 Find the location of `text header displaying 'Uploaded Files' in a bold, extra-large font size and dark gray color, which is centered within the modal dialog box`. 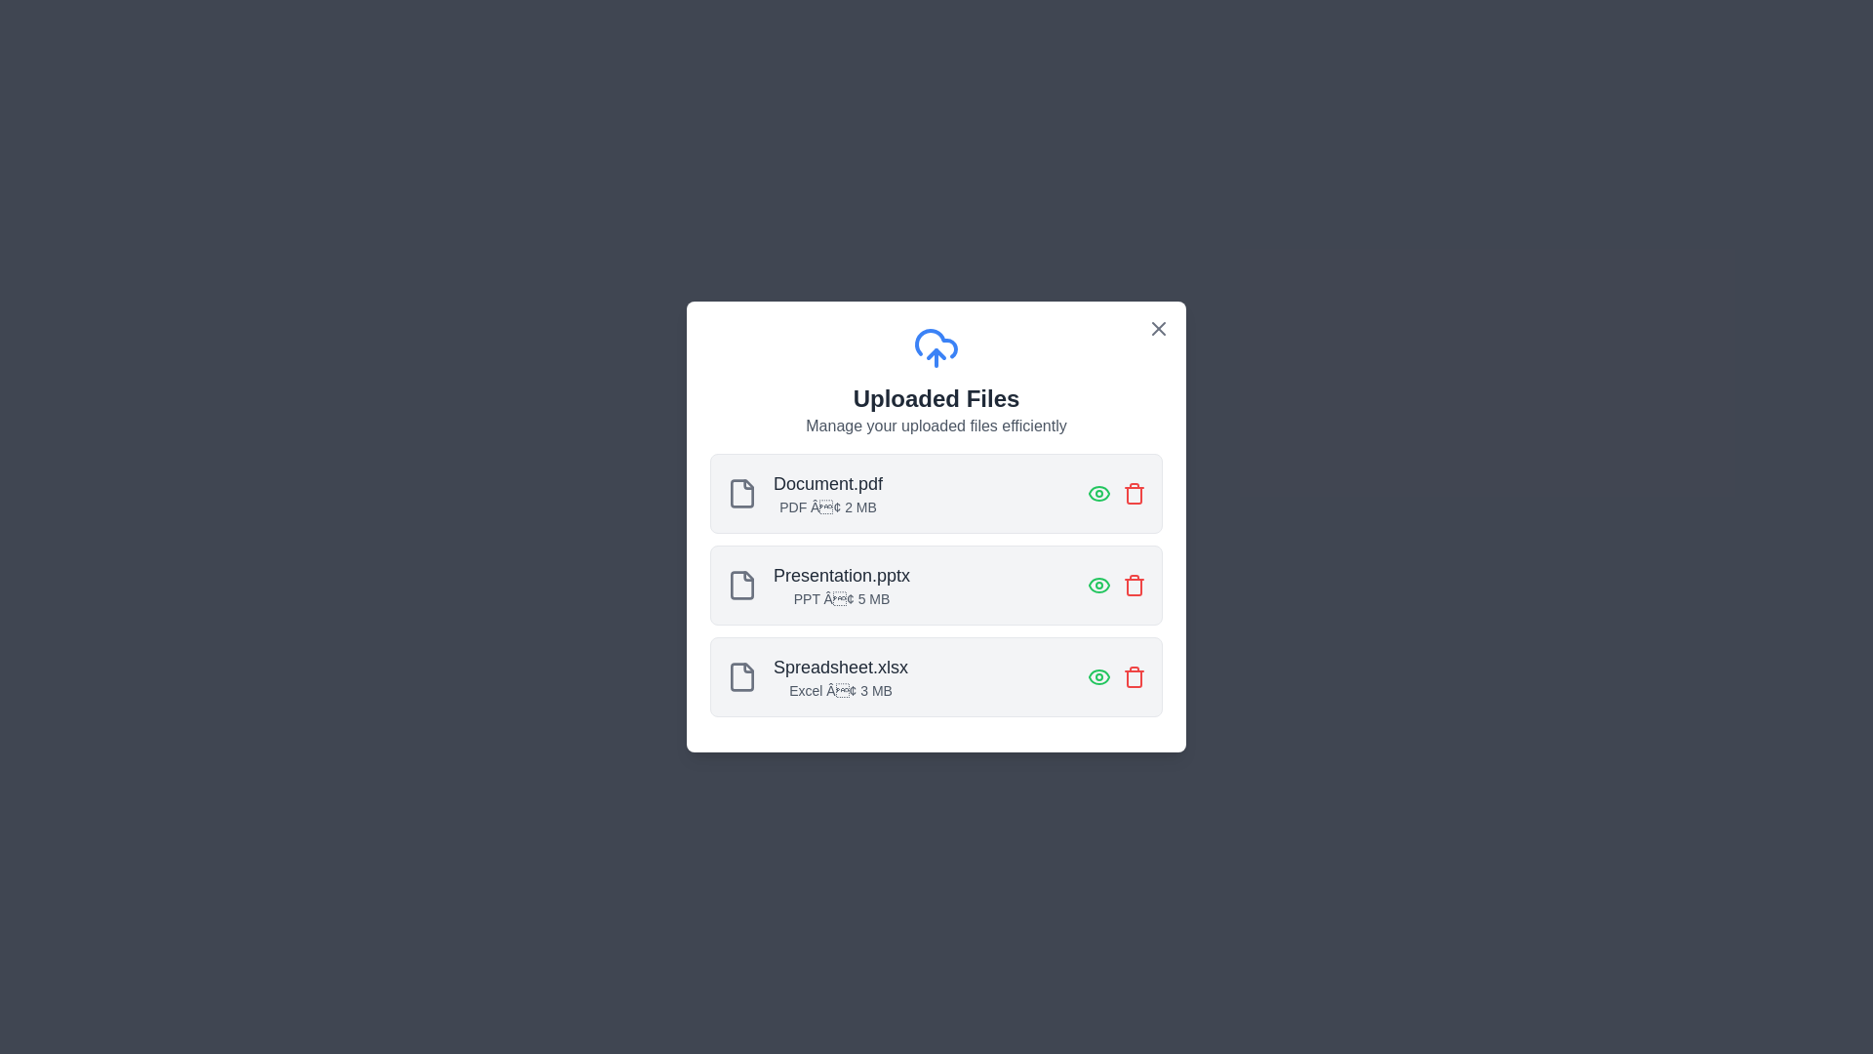

text header displaying 'Uploaded Files' in a bold, extra-large font size and dark gray color, which is centered within the modal dialog box is located at coordinates (936, 397).